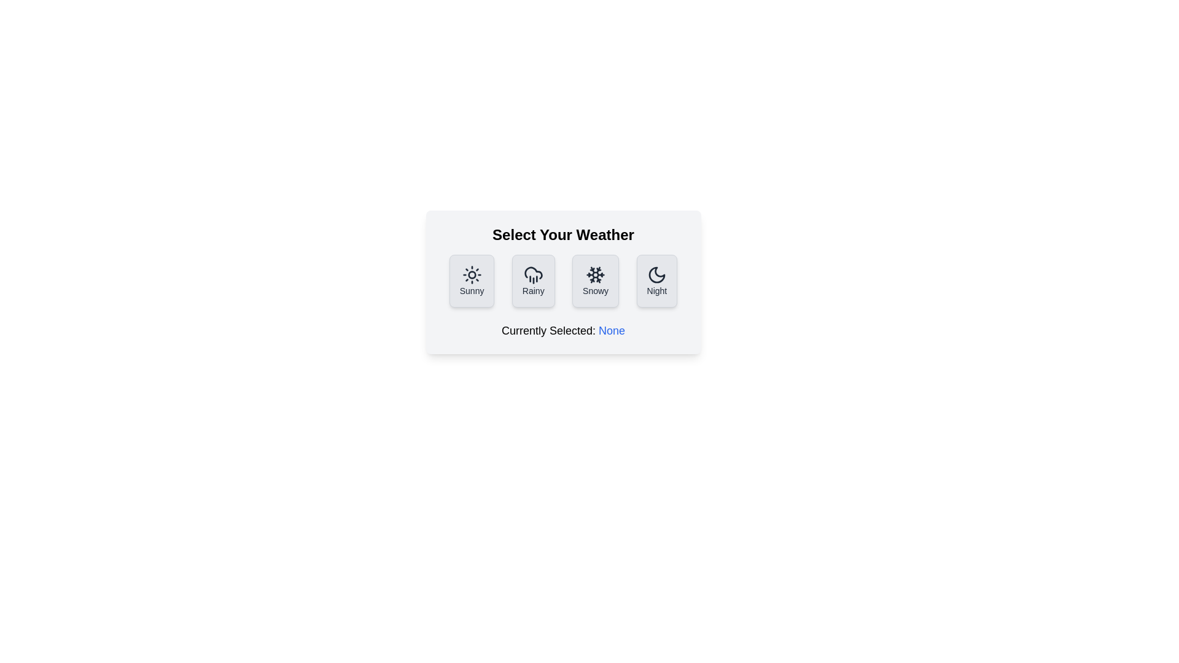 This screenshot has width=1179, height=663. Describe the element at coordinates (471, 274) in the screenshot. I see `the small circular graphical component at the center of the sun icon in the 'Sunny' selection box, which is part of the weather icon group` at that location.